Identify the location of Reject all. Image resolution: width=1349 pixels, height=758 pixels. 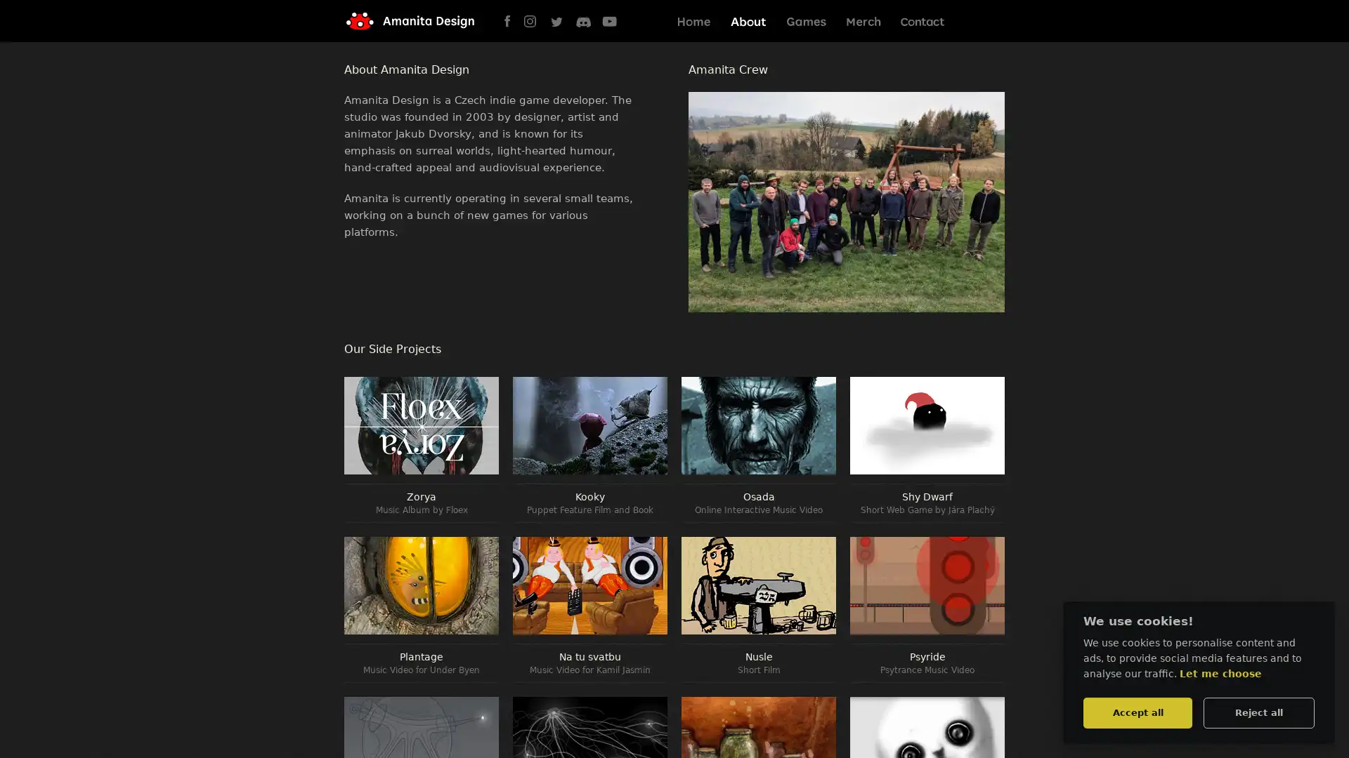
(1258, 712).